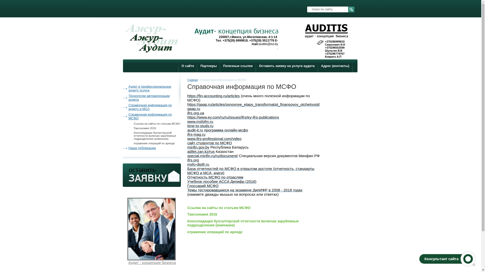 The width and height of the screenshot is (485, 272). What do you see at coordinates (187, 164) in the screenshot?
I see `'msfo-dipifr.ru'` at bounding box center [187, 164].